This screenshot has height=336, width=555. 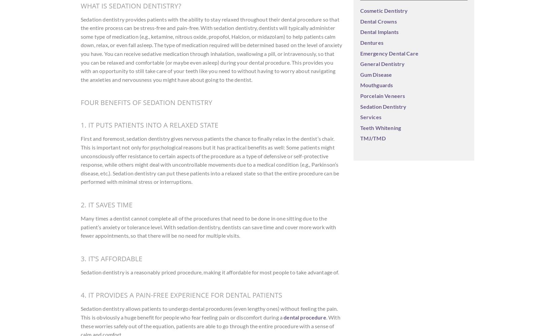 What do you see at coordinates (111, 258) in the screenshot?
I see `'3. It’s Affordable'` at bounding box center [111, 258].